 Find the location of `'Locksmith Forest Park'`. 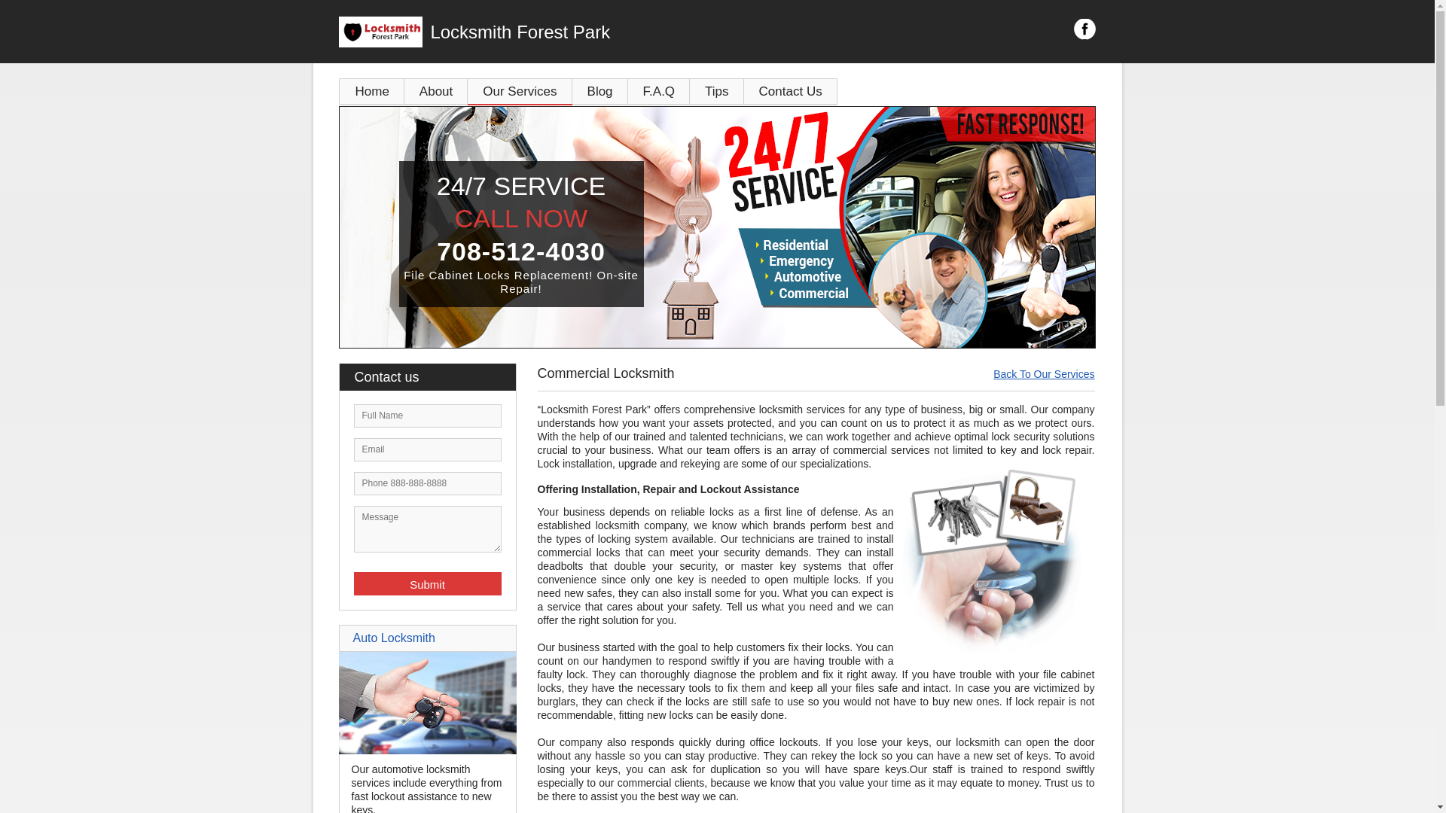

'Locksmith Forest Park' is located at coordinates (338, 32).